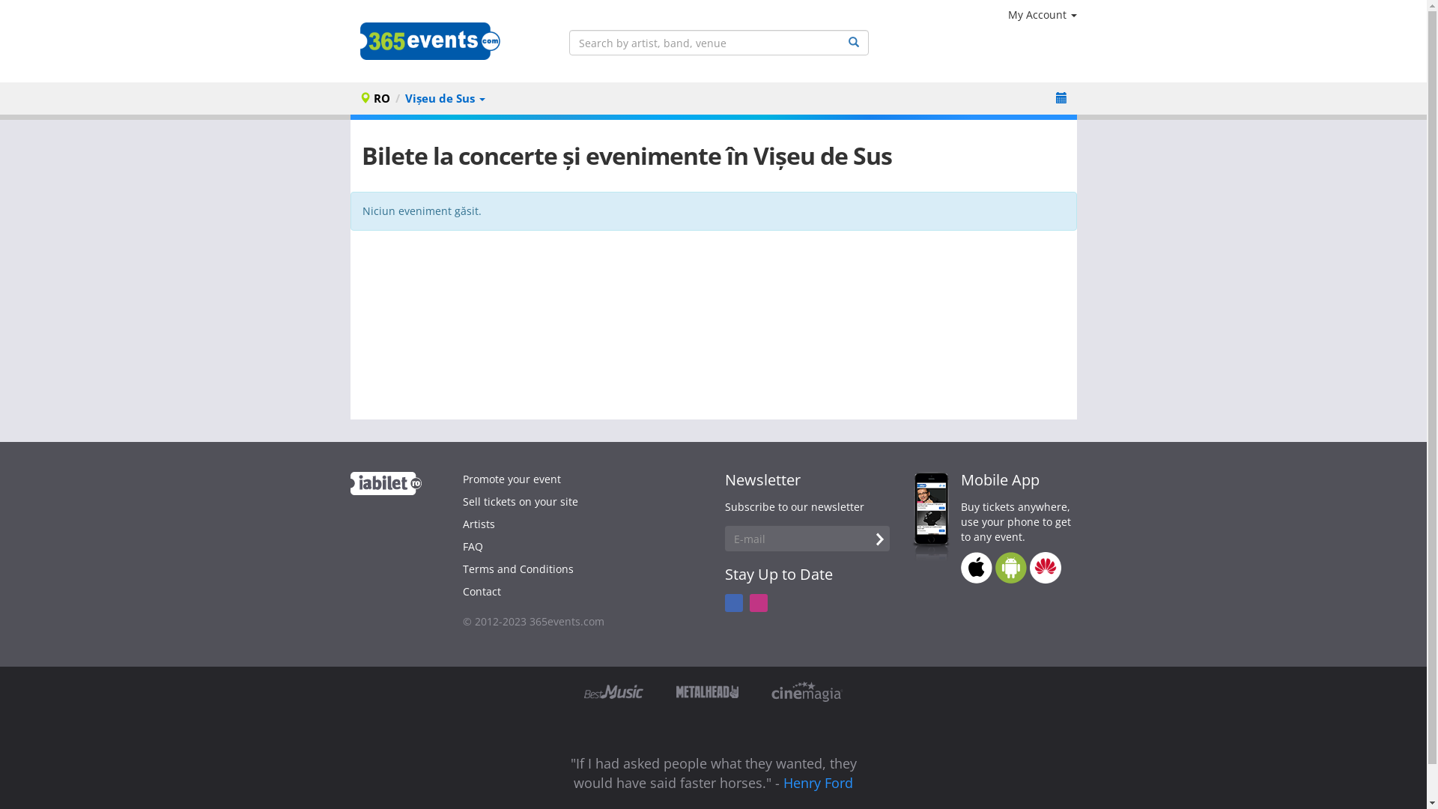  Describe the element at coordinates (462, 590) in the screenshot. I see `'Contact'` at that location.